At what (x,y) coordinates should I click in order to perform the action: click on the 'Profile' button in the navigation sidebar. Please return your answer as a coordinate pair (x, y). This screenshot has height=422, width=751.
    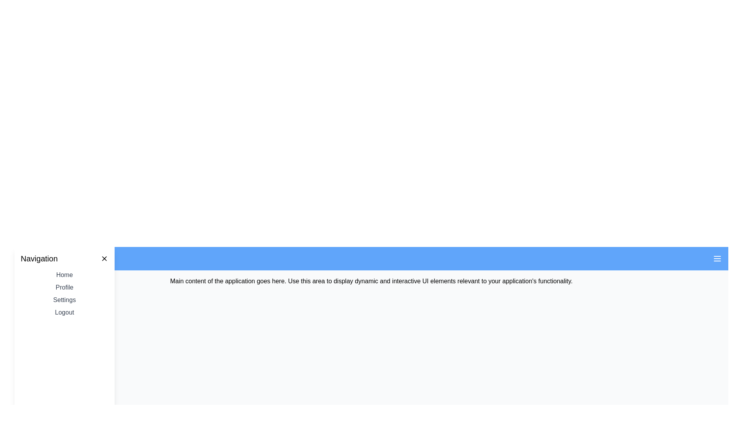
    Looking at the image, I should click on (64, 288).